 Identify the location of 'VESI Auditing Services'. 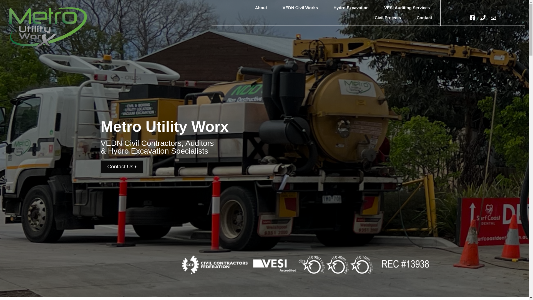
(378, 7).